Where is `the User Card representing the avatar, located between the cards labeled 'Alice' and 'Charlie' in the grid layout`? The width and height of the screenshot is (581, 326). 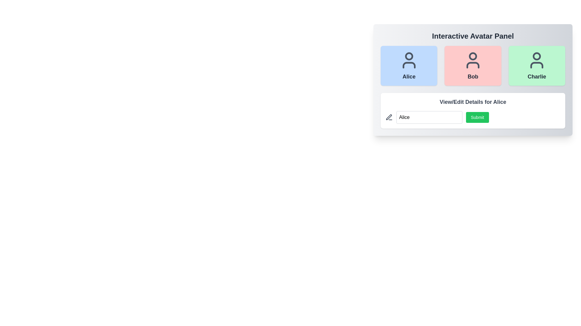 the User Card representing the avatar, located between the cards labeled 'Alice' and 'Charlie' in the grid layout is located at coordinates (473, 66).